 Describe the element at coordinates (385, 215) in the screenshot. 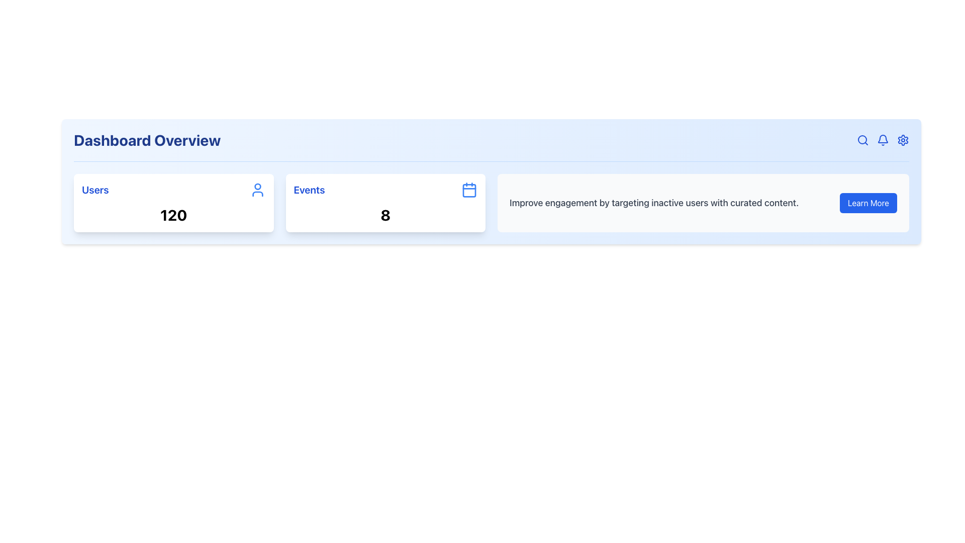

I see `the large, bold number '8' displayed in black text within the second card from the left, which is located below the 'Events' label and an adjacent calendar icon` at that location.